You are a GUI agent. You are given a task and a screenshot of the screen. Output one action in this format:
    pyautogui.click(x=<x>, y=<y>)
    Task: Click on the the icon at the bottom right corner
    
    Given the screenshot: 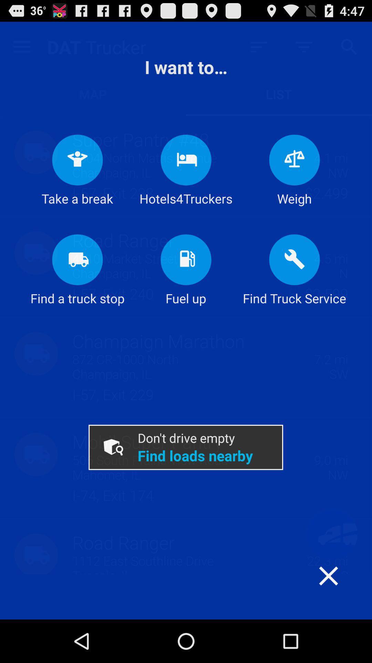 What is the action you would take?
    pyautogui.click(x=342, y=589)
    